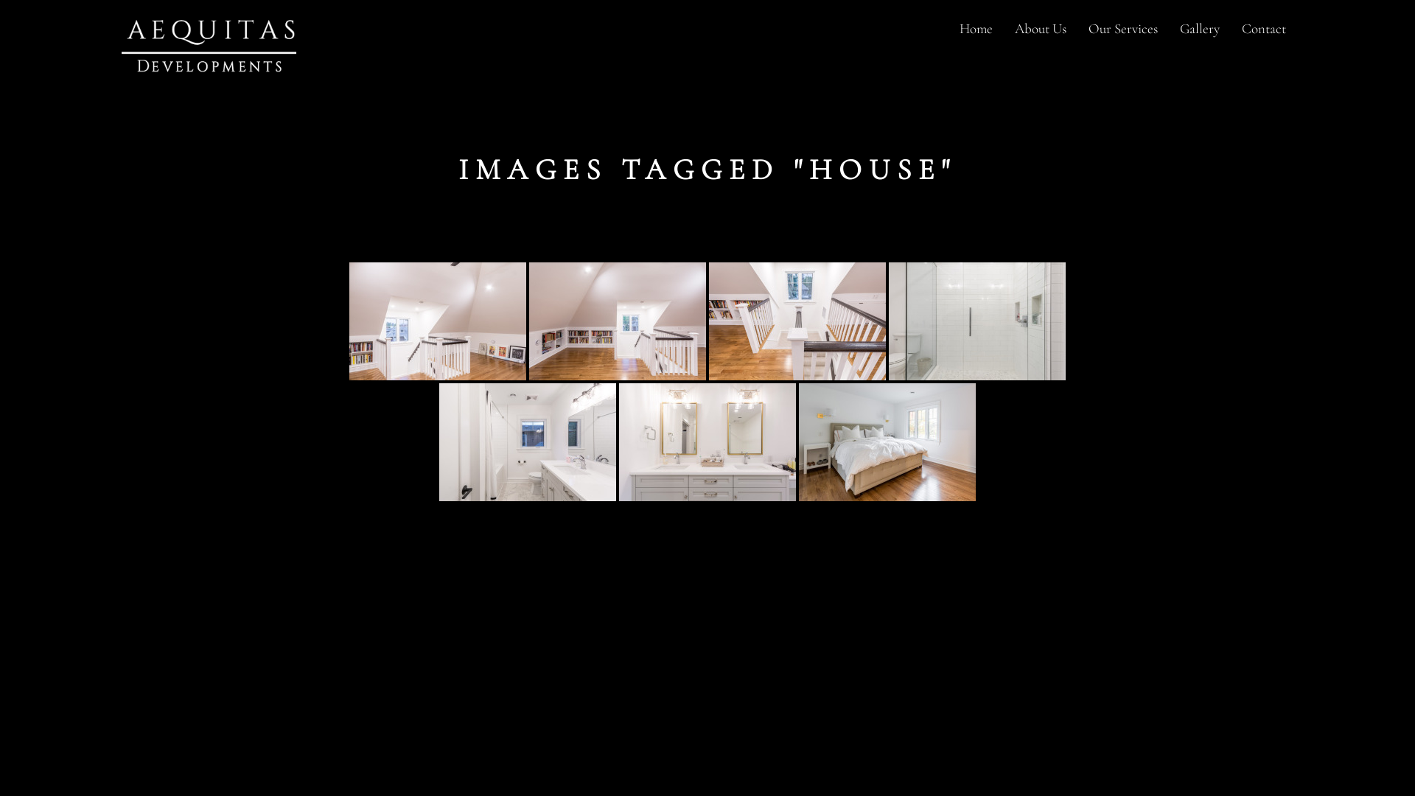  What do you see at coordinates (1262, 29) in the screenshot?
I see `'Contact'` at bounding box center [1262, 29].